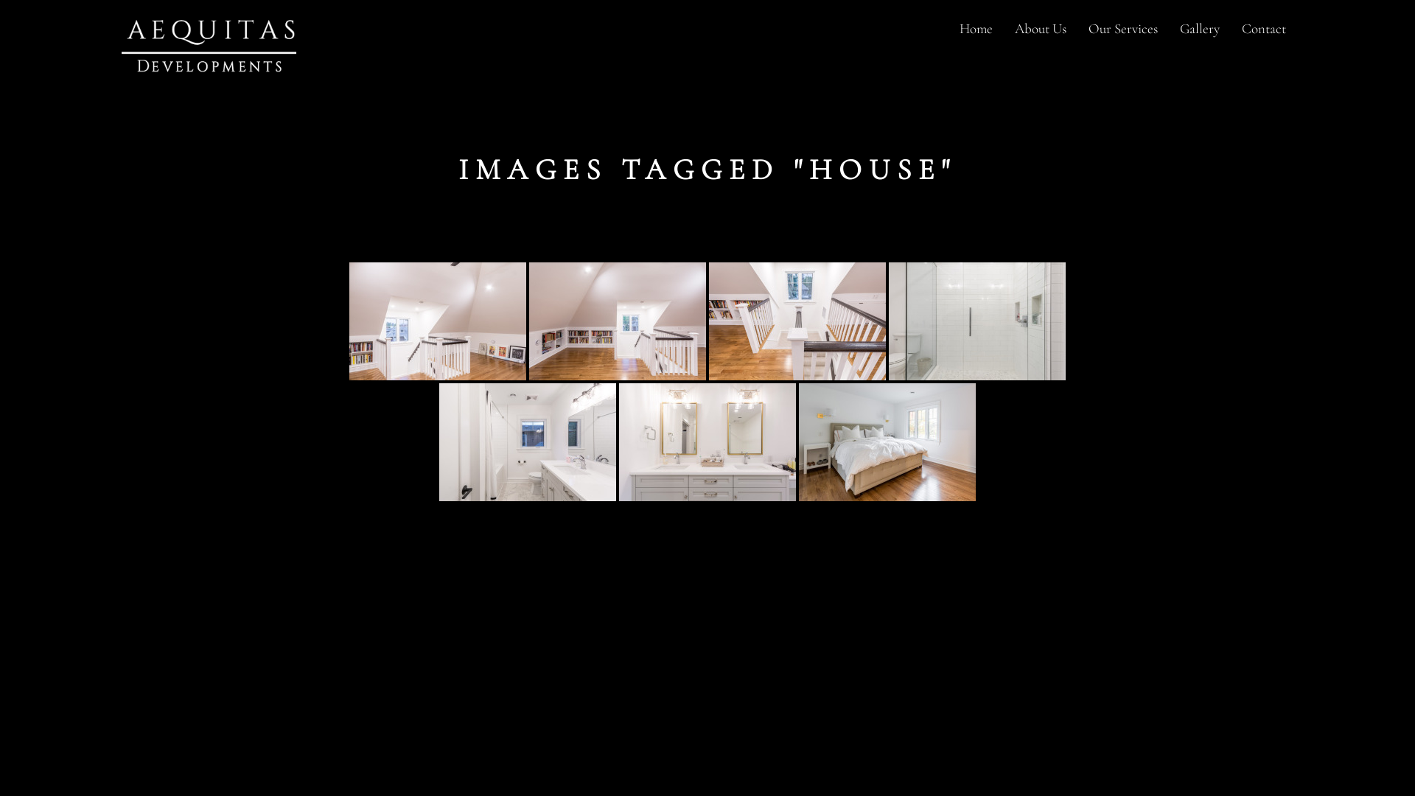  What do you see at coordinates (1262, 29) in the screenshot?
I see `'Contact'` at bounding box center [1262, 29].